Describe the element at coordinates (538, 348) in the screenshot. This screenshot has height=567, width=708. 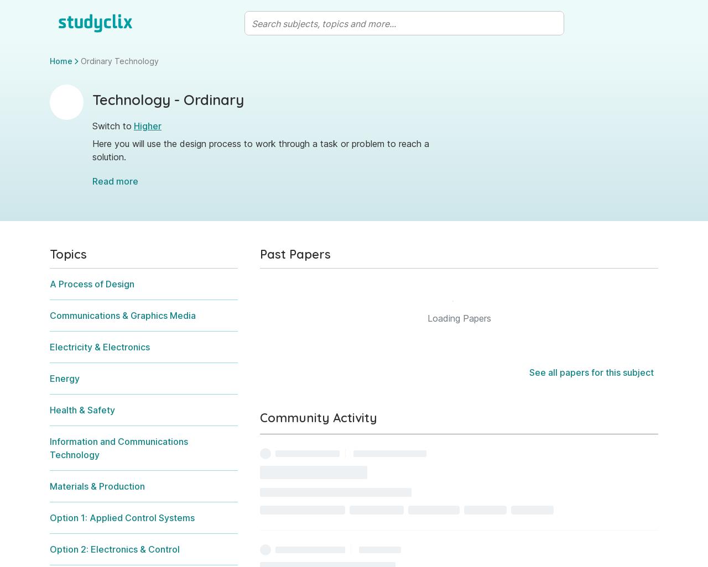
I see `'More'` at that location.